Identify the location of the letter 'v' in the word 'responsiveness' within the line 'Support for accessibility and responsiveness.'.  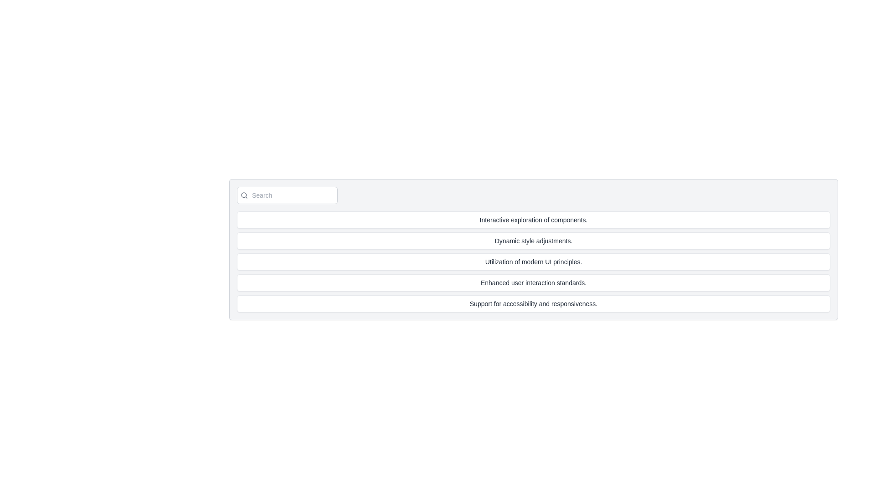
(576, 304).